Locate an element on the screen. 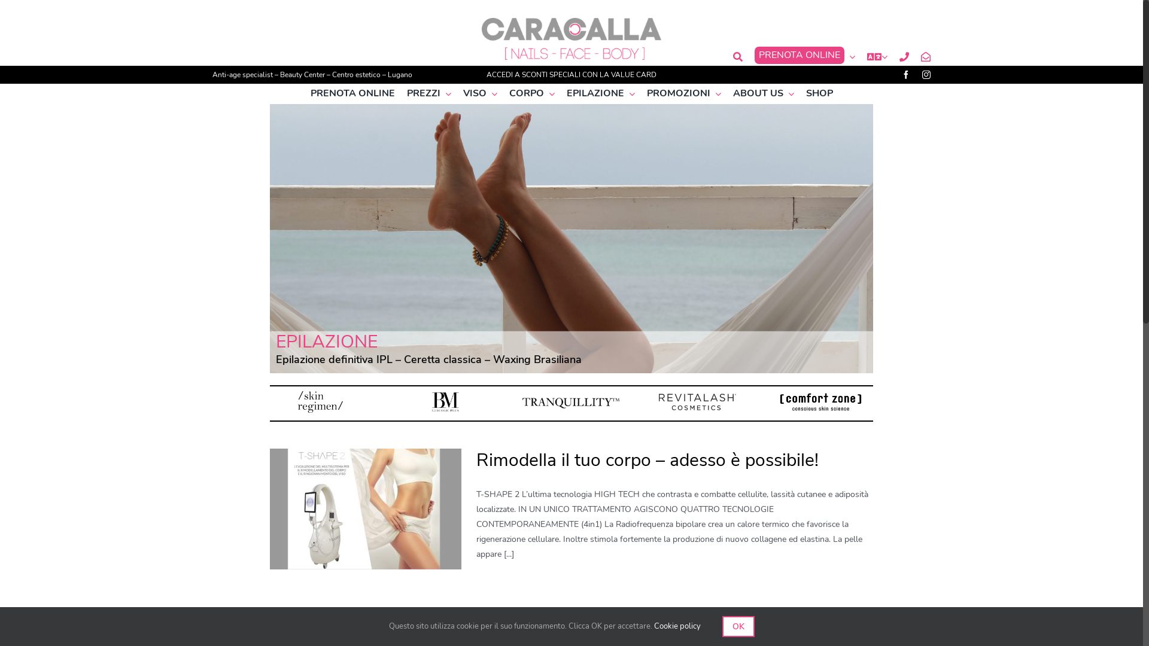  'ABOUT US' is located at coordinates (762, 93).